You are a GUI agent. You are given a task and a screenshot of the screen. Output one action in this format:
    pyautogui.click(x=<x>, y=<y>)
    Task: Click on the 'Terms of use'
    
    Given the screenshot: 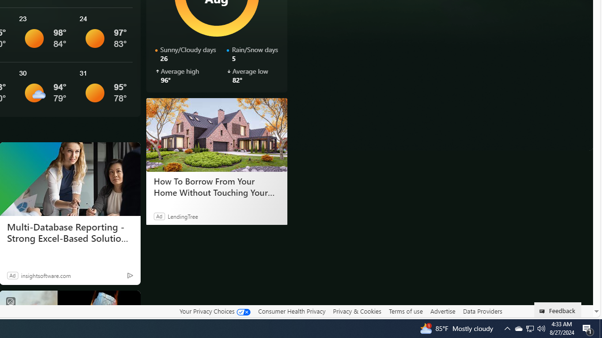 What is the action you would take?
    pyautogui.click(x=405, y=311)
    